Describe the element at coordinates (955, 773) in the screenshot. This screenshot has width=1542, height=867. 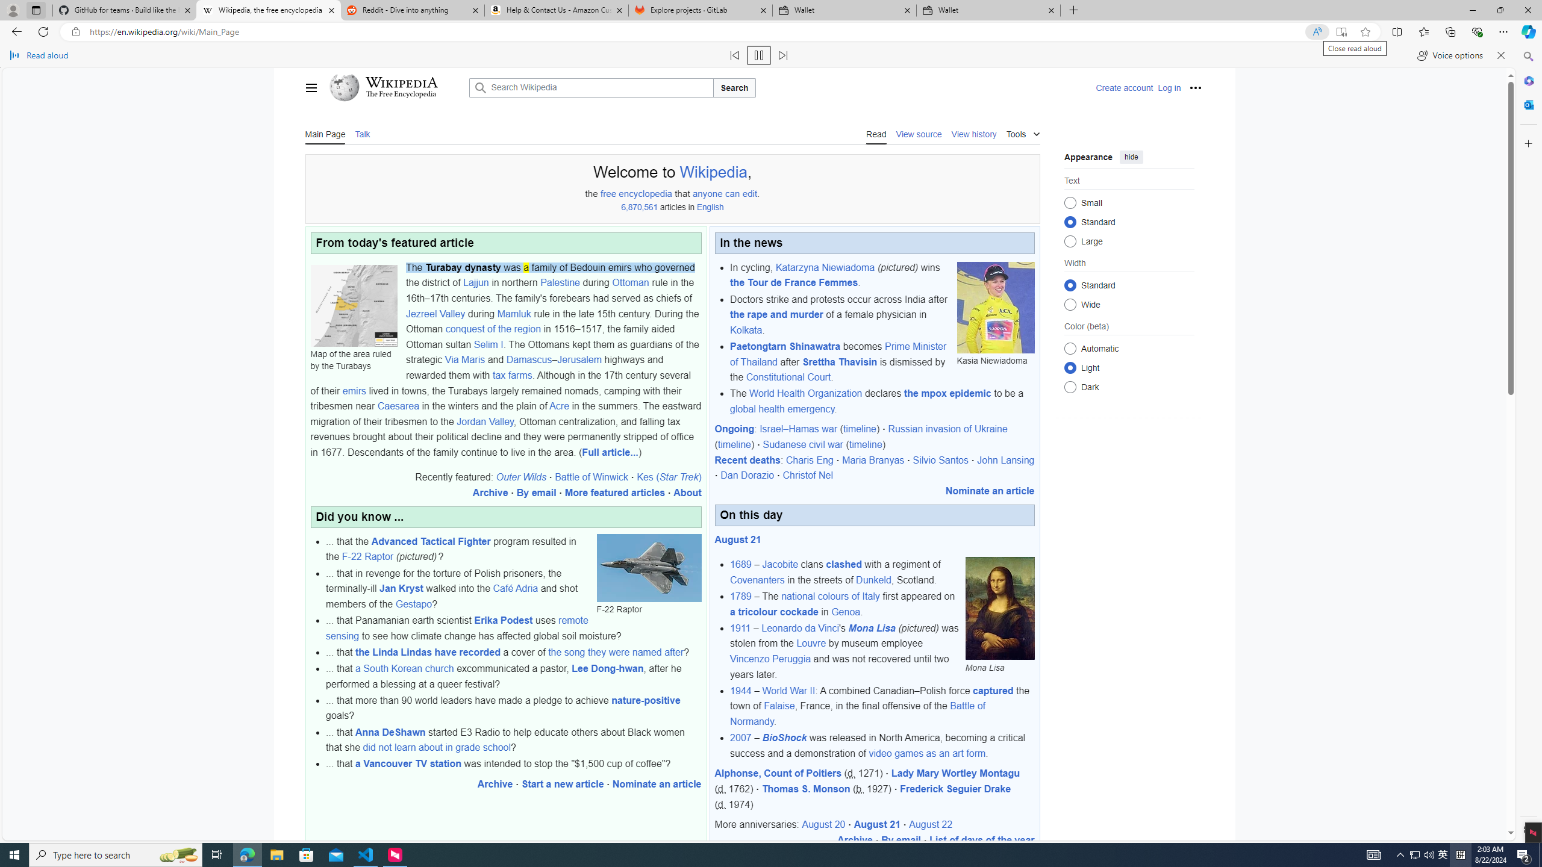
I see `'Lady Mary Wortley Montagu'` at that location.